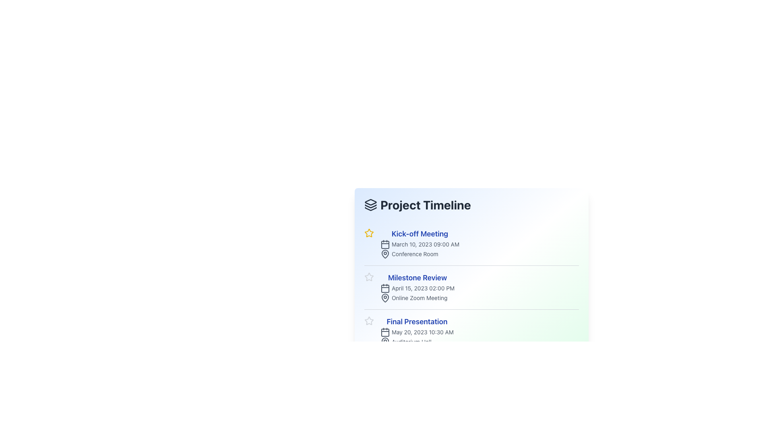  What do you see at coordinates (417, 288) in the screenshot?
I see `the static text label reading 'April 15, 2023 02:00 PM' located under the 'Milestone Review' title in the 'Project Timeline' section` at bounding box center [417, 288].